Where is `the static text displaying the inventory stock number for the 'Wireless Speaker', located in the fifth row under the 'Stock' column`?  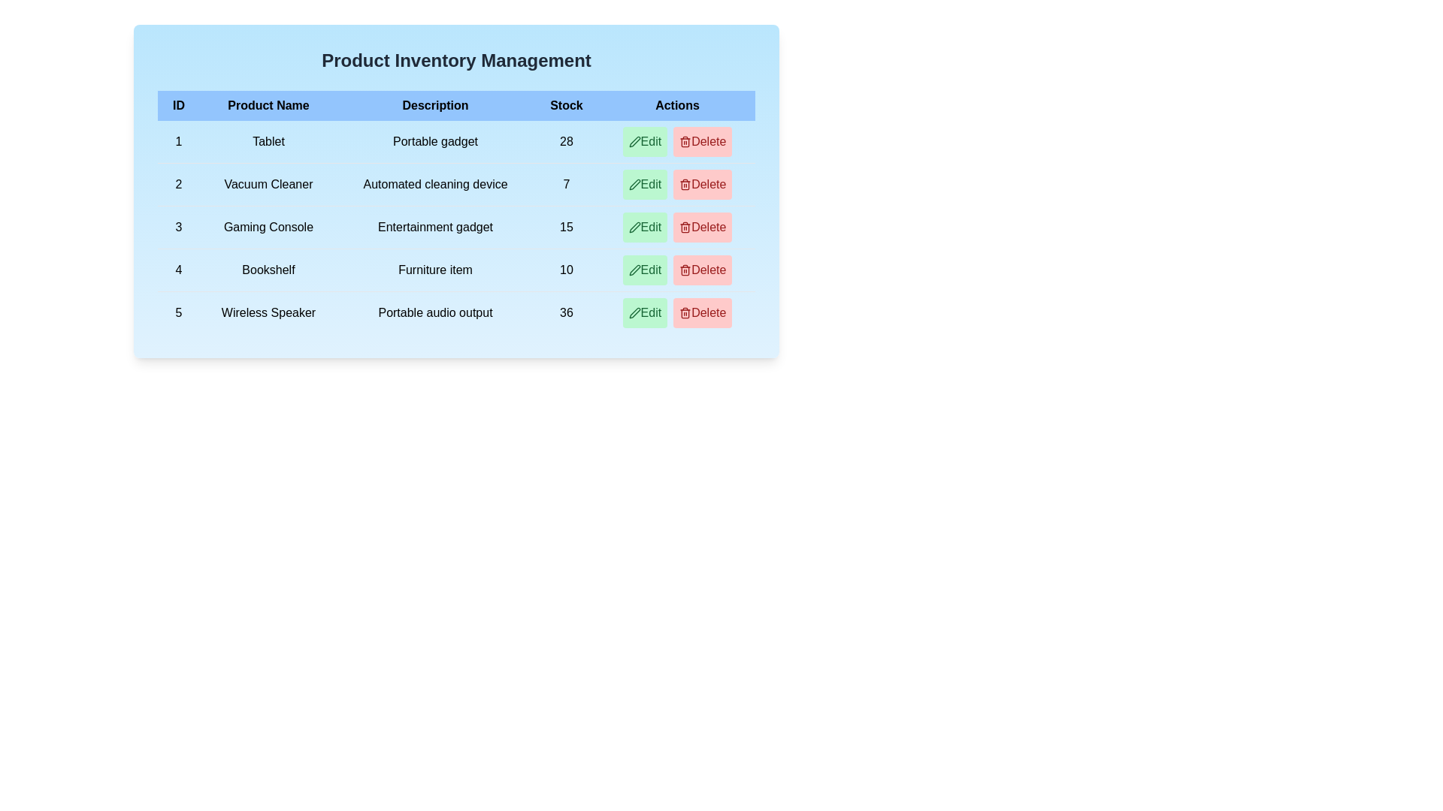
the static text displaying the inventory stock number for the 'Wireless Speaker', located in the fifth row under the 'Stock' column is located at coordinates (565, 312).